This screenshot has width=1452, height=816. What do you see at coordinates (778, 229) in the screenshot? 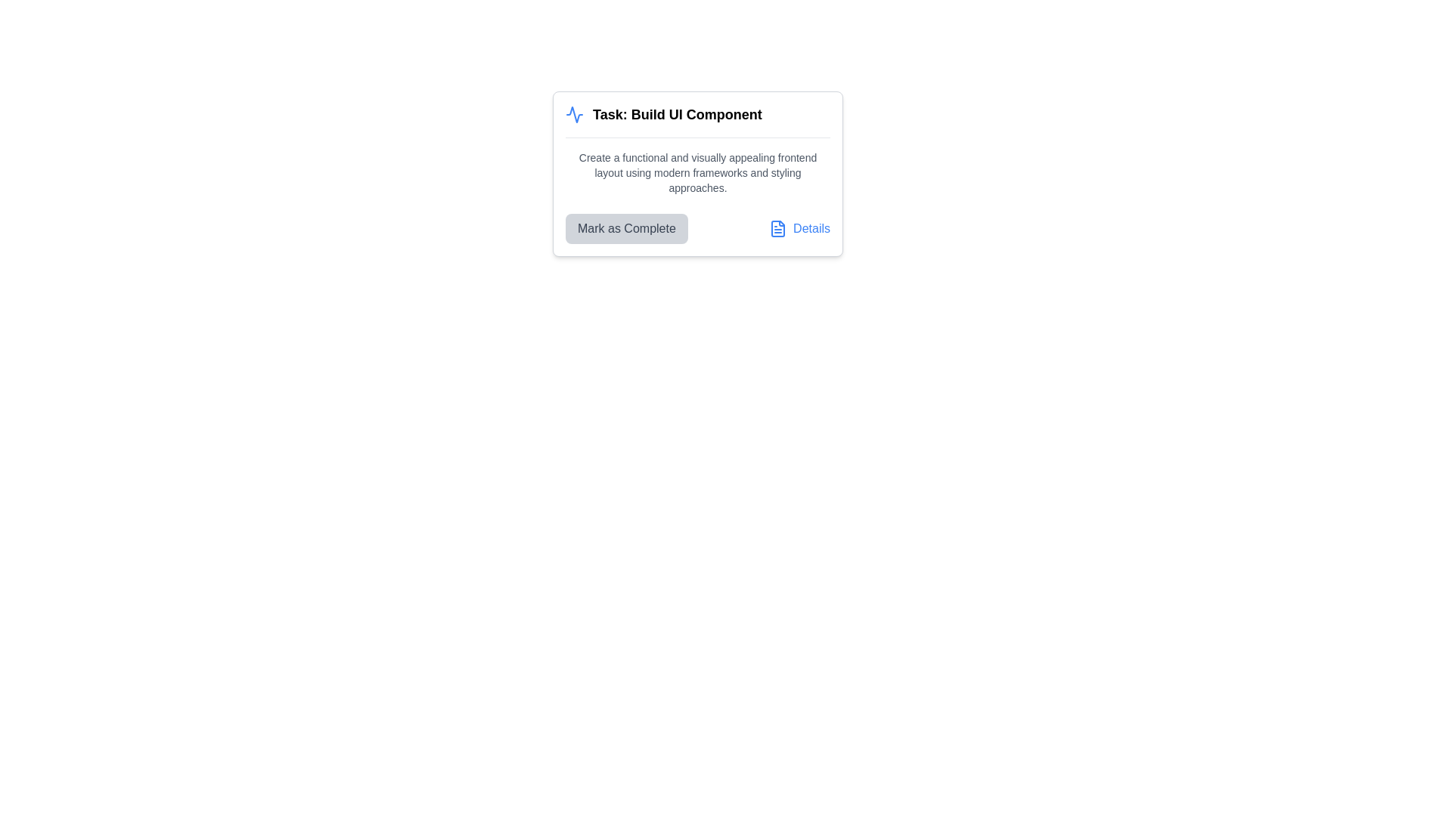
I see `the clickable icon resembling a file or document that is part of the 'Details' link, located in the bottom-right area of a card component via keyboard navigation` at bounding box center [778, 229].